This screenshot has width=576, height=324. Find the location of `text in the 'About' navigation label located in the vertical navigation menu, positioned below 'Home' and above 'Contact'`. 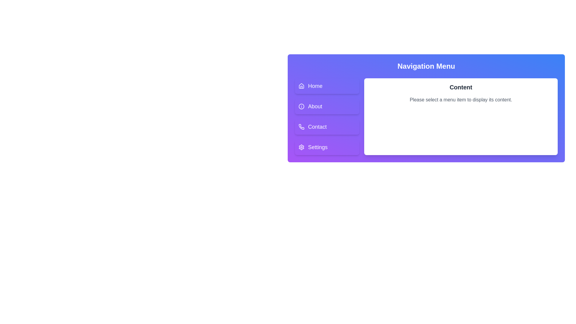

text in the 'About' navigation label located in the vertical navigation menu, positioned below 'Home' and above 'Contact' is located at coordinates (315, 106).